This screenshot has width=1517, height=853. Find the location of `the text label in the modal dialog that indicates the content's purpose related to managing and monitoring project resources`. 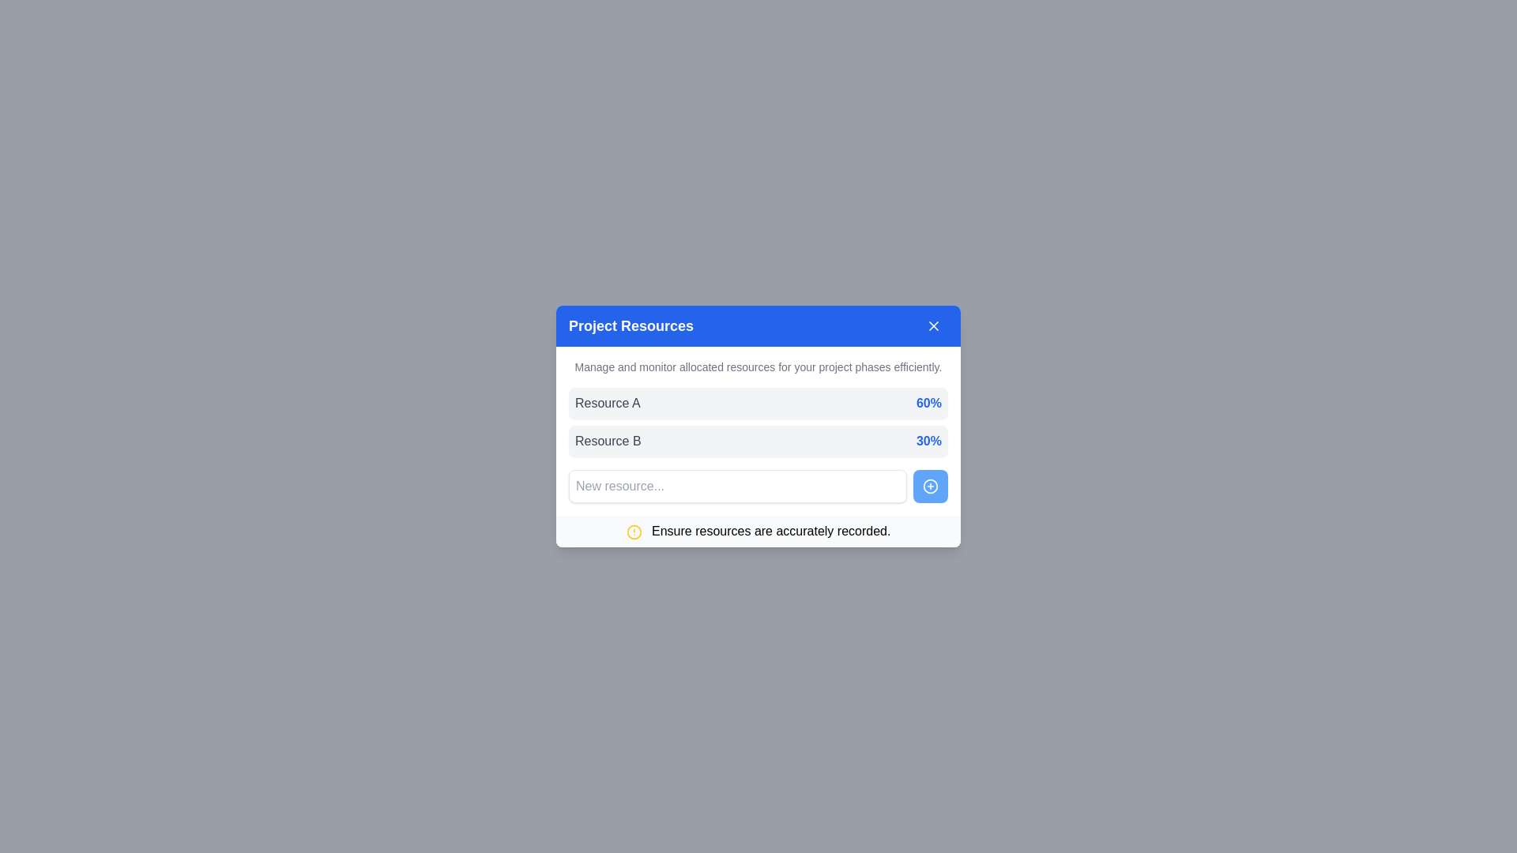

the text label in the modal dialog that indicates the content's purpose related to managing and monitoring project resources is located at coordinates (631, 325).